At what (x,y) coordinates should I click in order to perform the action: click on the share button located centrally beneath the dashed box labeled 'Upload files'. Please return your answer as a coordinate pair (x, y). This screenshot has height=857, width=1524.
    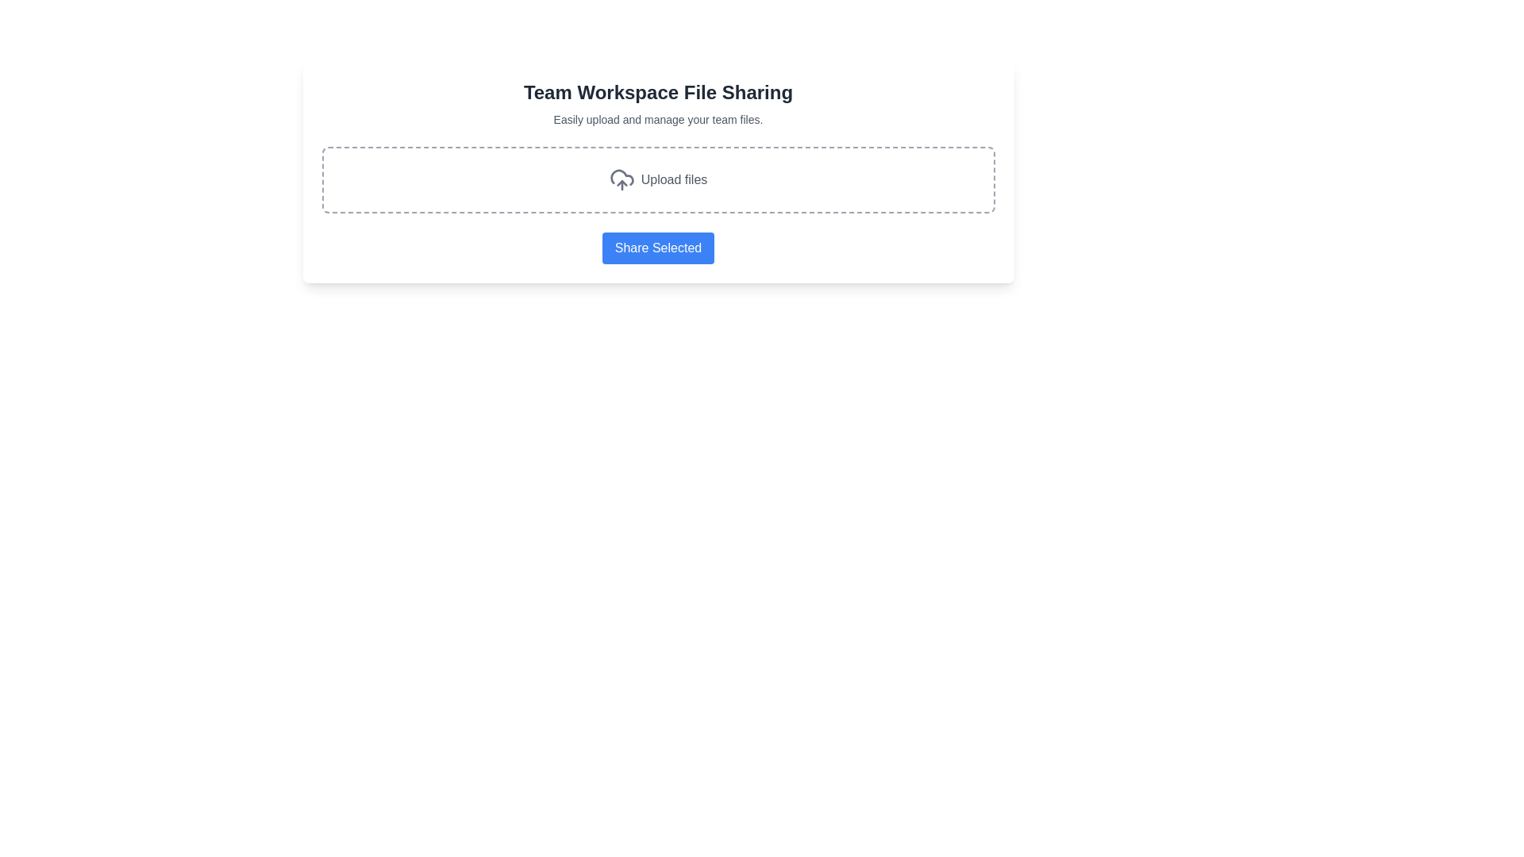
    Looking at the image, I should click on (658, 248).